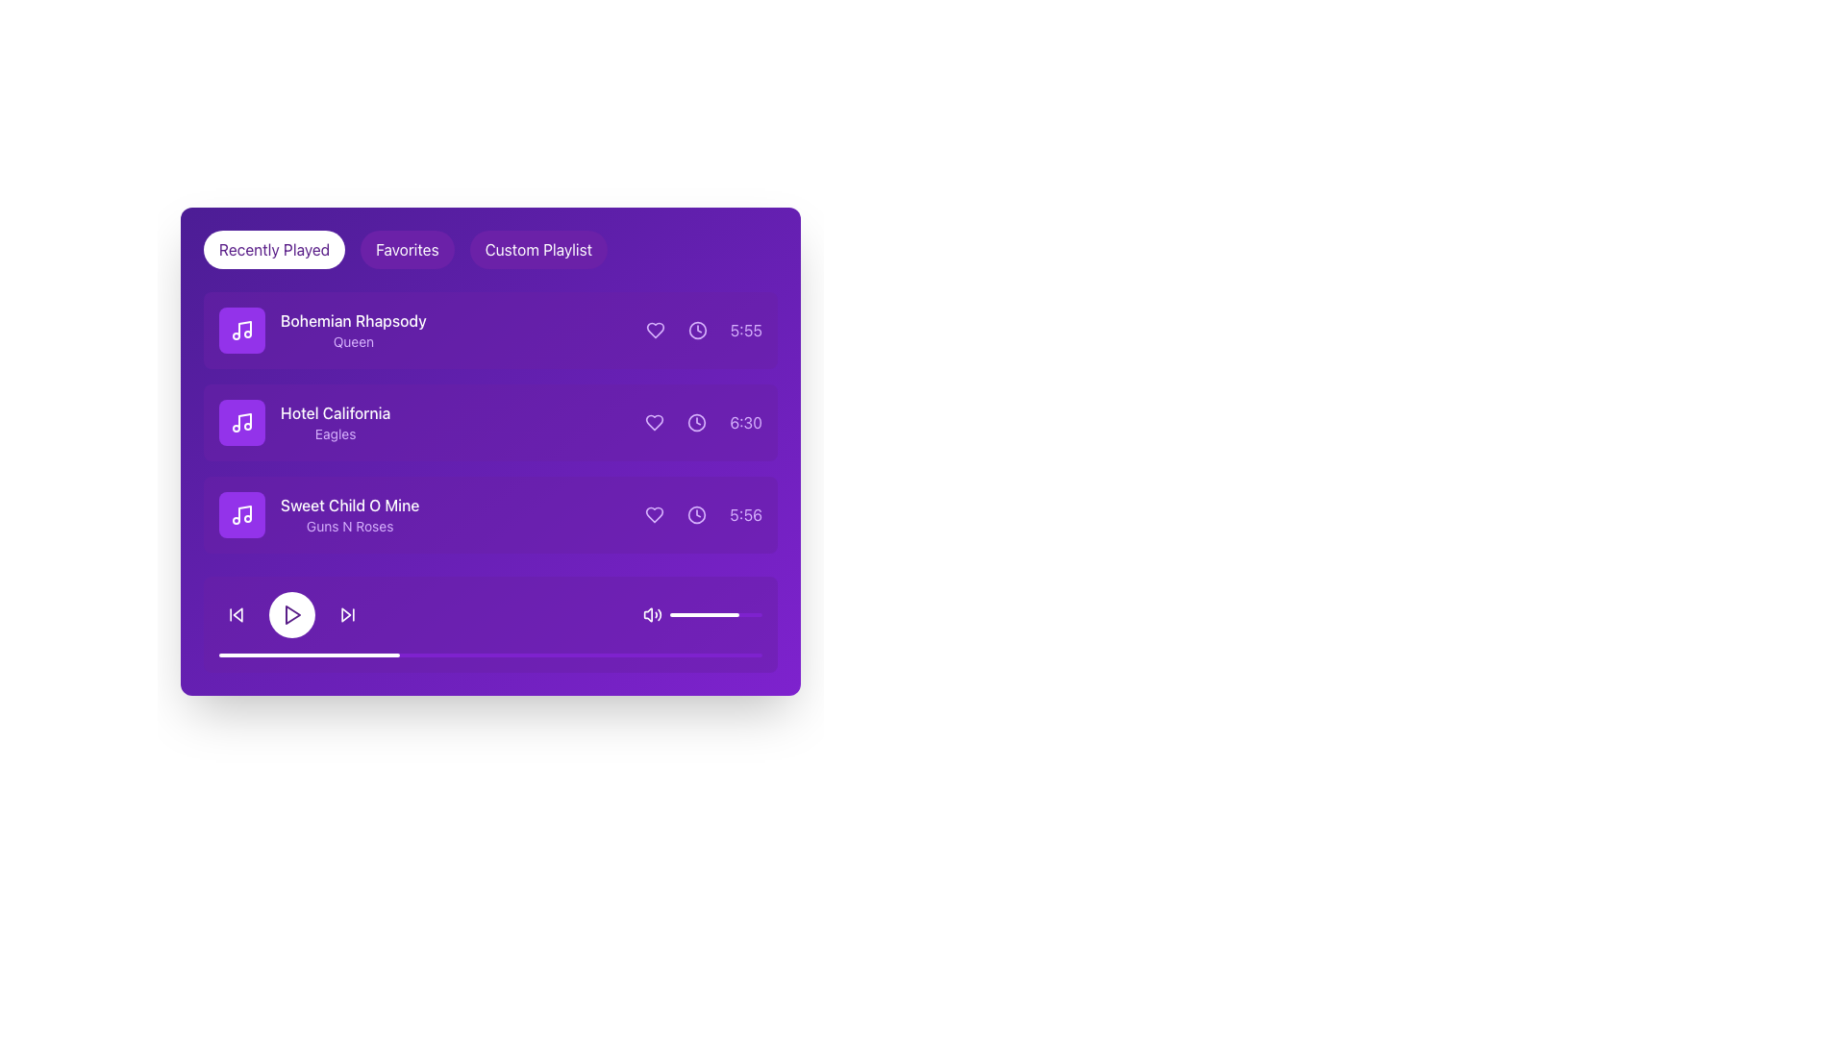 The width and height of the screenshot is (1846, 1038). Describe the element at coordinates (736, 615) in the screenshot. I see `the volume level` at that location.